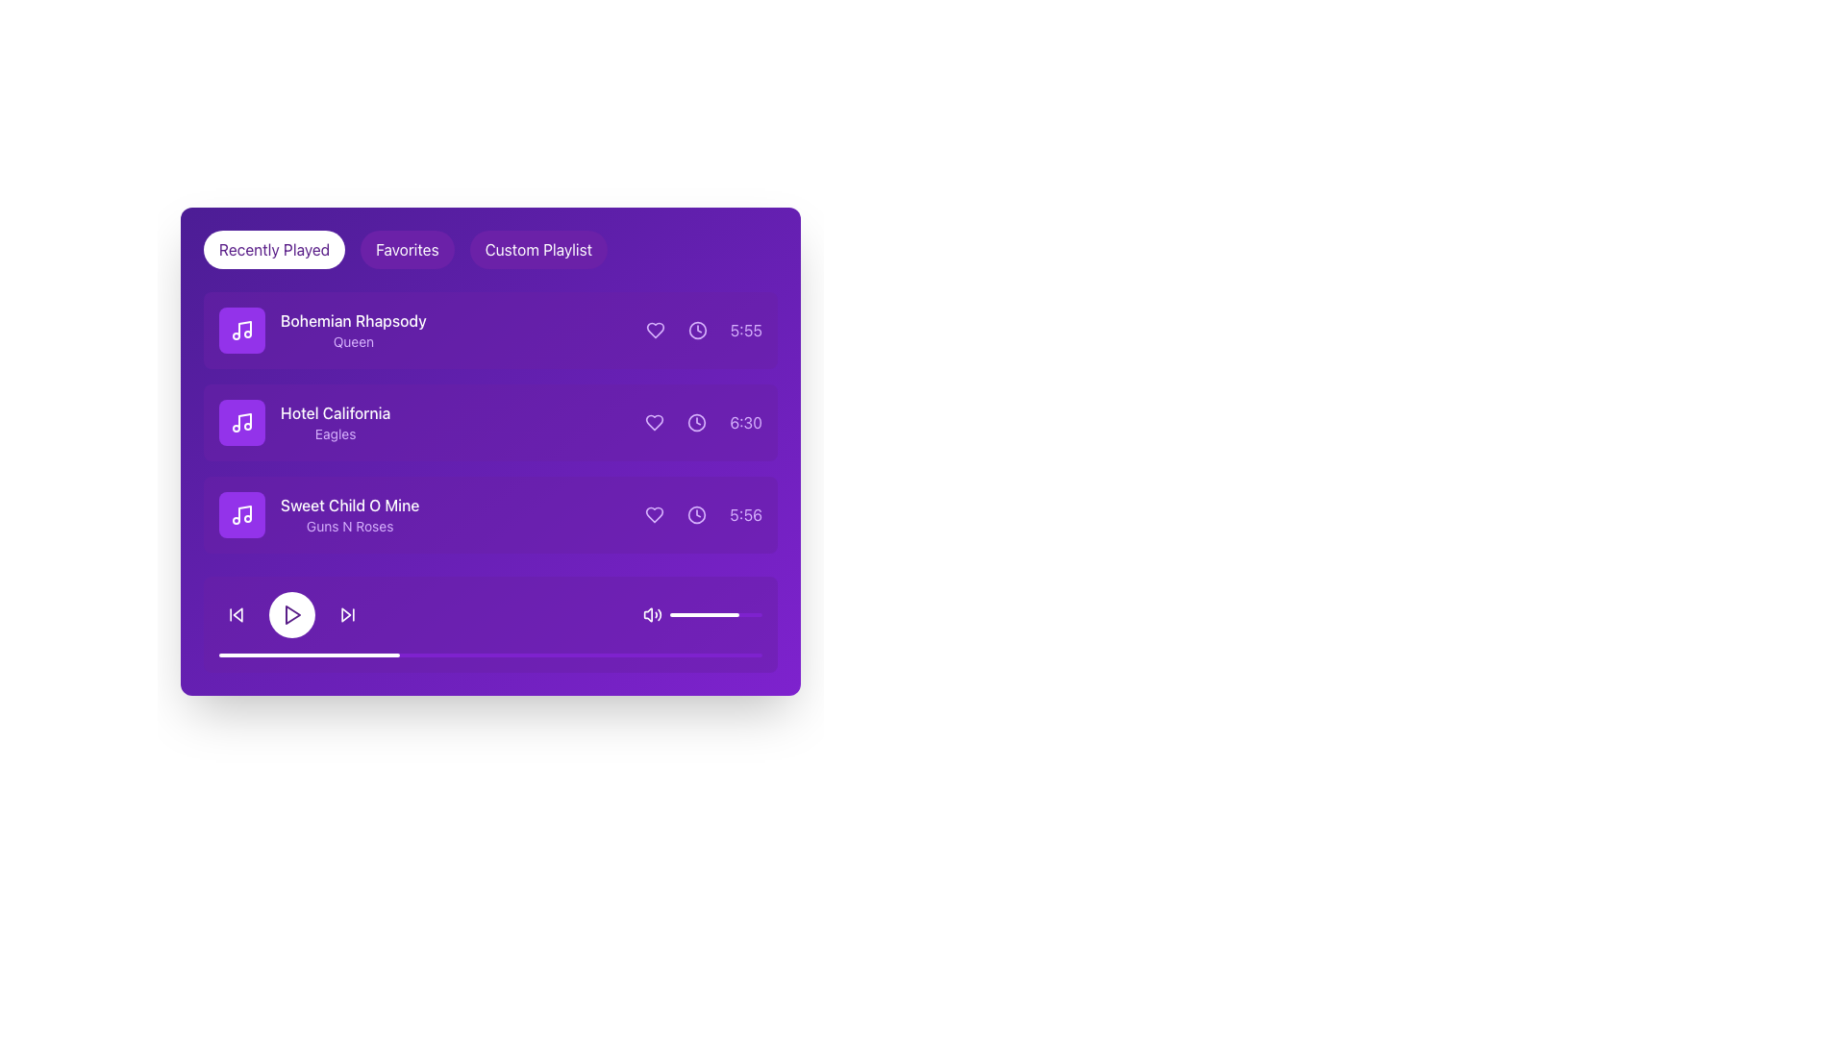 The width and height of the screenshot is (1846, 1038). Describe the element at coordinates (736, 615) in the screenshot. I see `the volume level` at that location.